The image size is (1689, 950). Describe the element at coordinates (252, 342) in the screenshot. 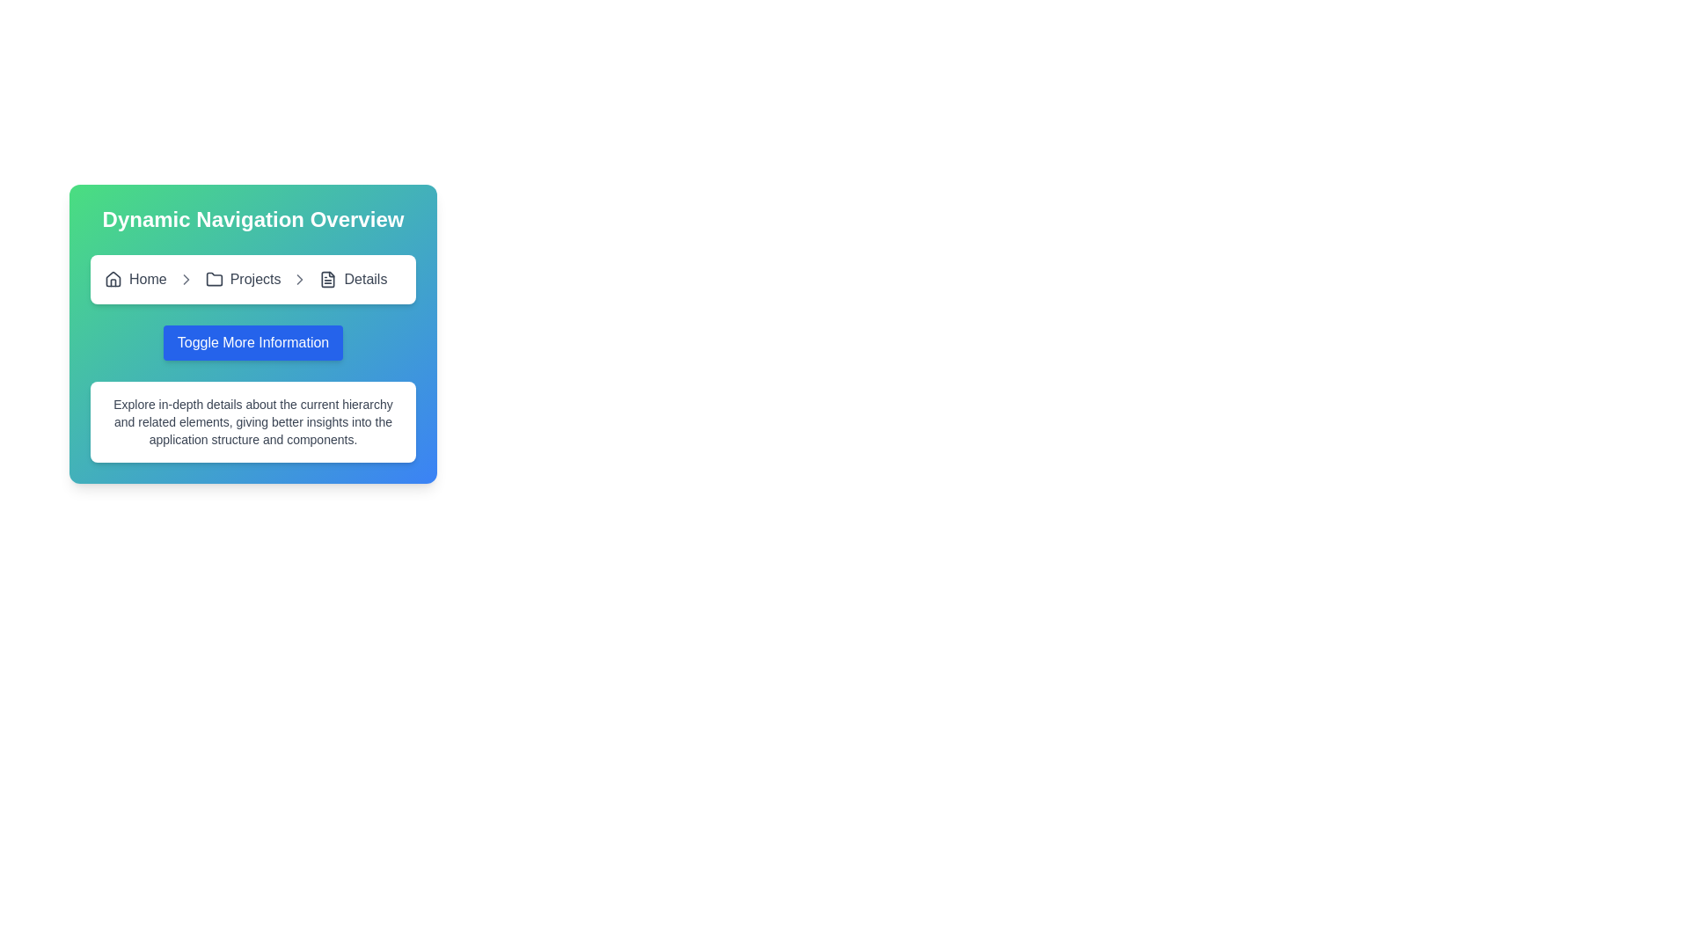

I see `the rectangular button with rounded corners that has a blue background and white text reading 'Toggle More Information'` at that location.